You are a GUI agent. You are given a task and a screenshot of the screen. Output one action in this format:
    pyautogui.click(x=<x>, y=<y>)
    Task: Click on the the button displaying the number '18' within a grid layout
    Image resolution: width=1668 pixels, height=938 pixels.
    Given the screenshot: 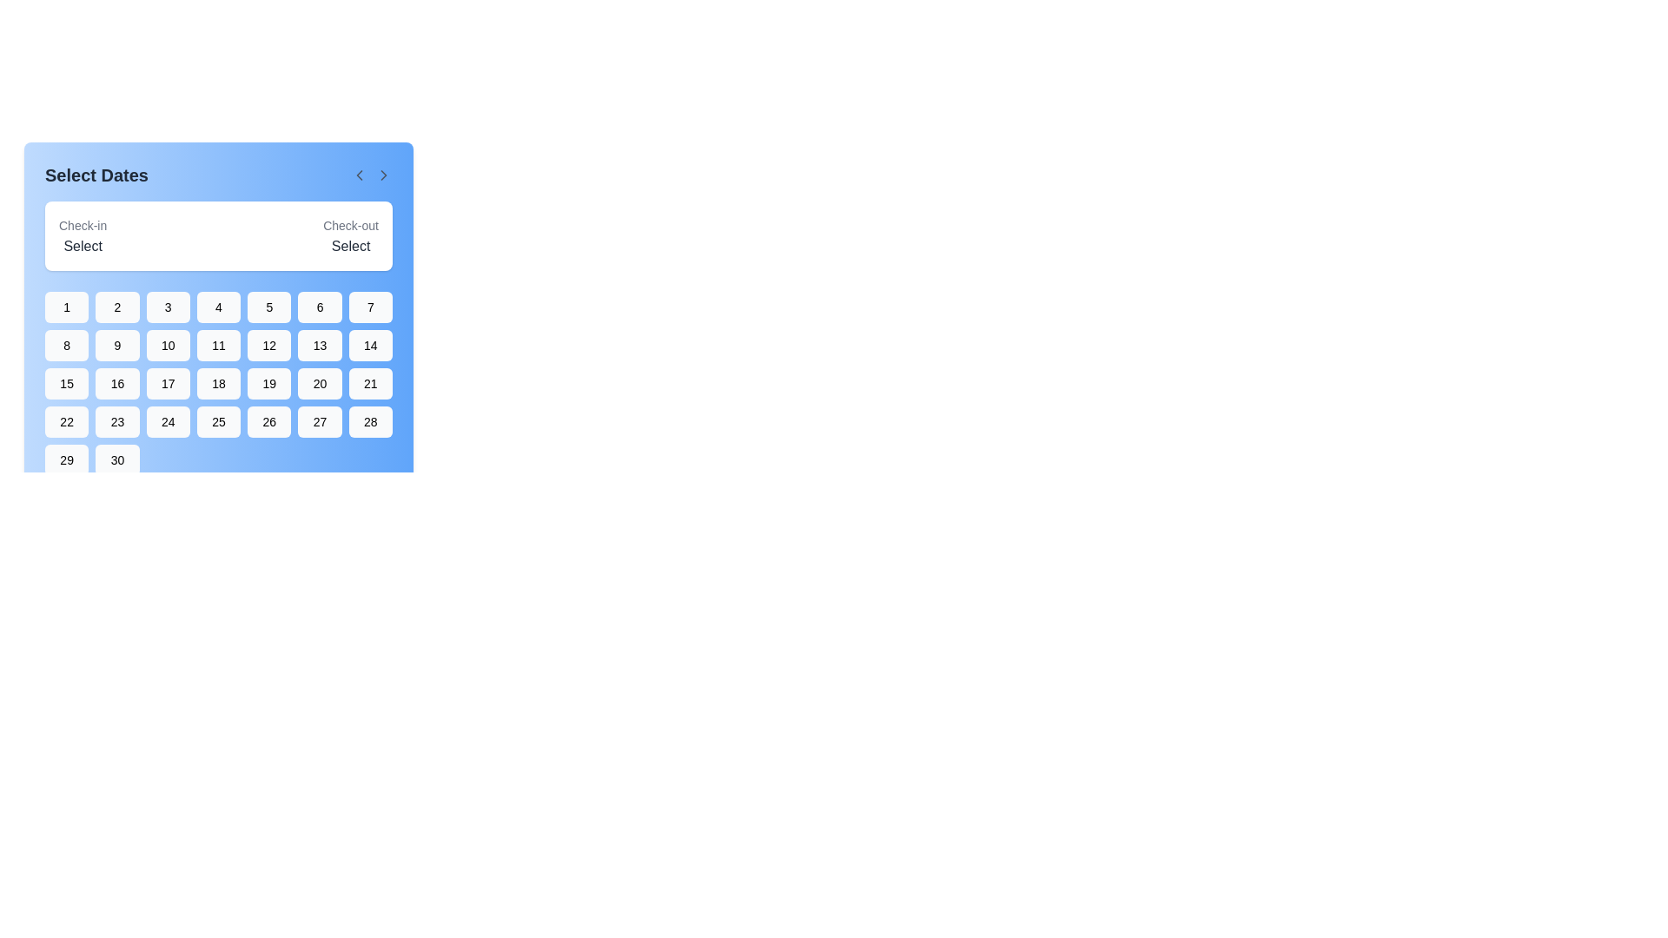 What is the action you would take?
    pyautogui.click(x=217, y=383)
    